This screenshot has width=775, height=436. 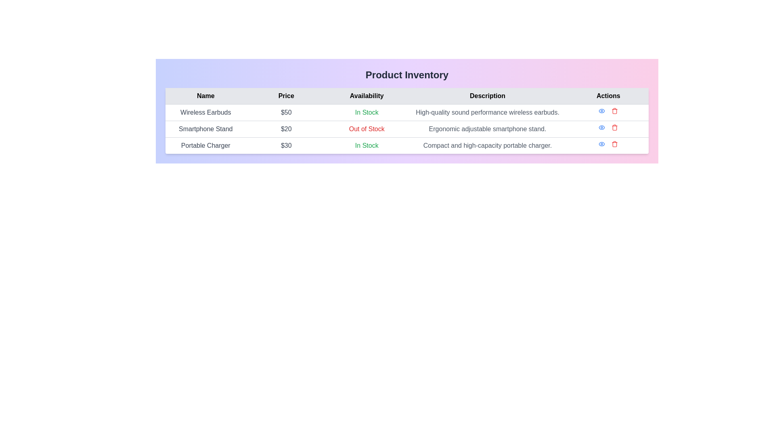 I want to click on 'Wireless Earbuds' text label element, which displays the product name in the inventory list, for its properties, so click(x=205, y=112).